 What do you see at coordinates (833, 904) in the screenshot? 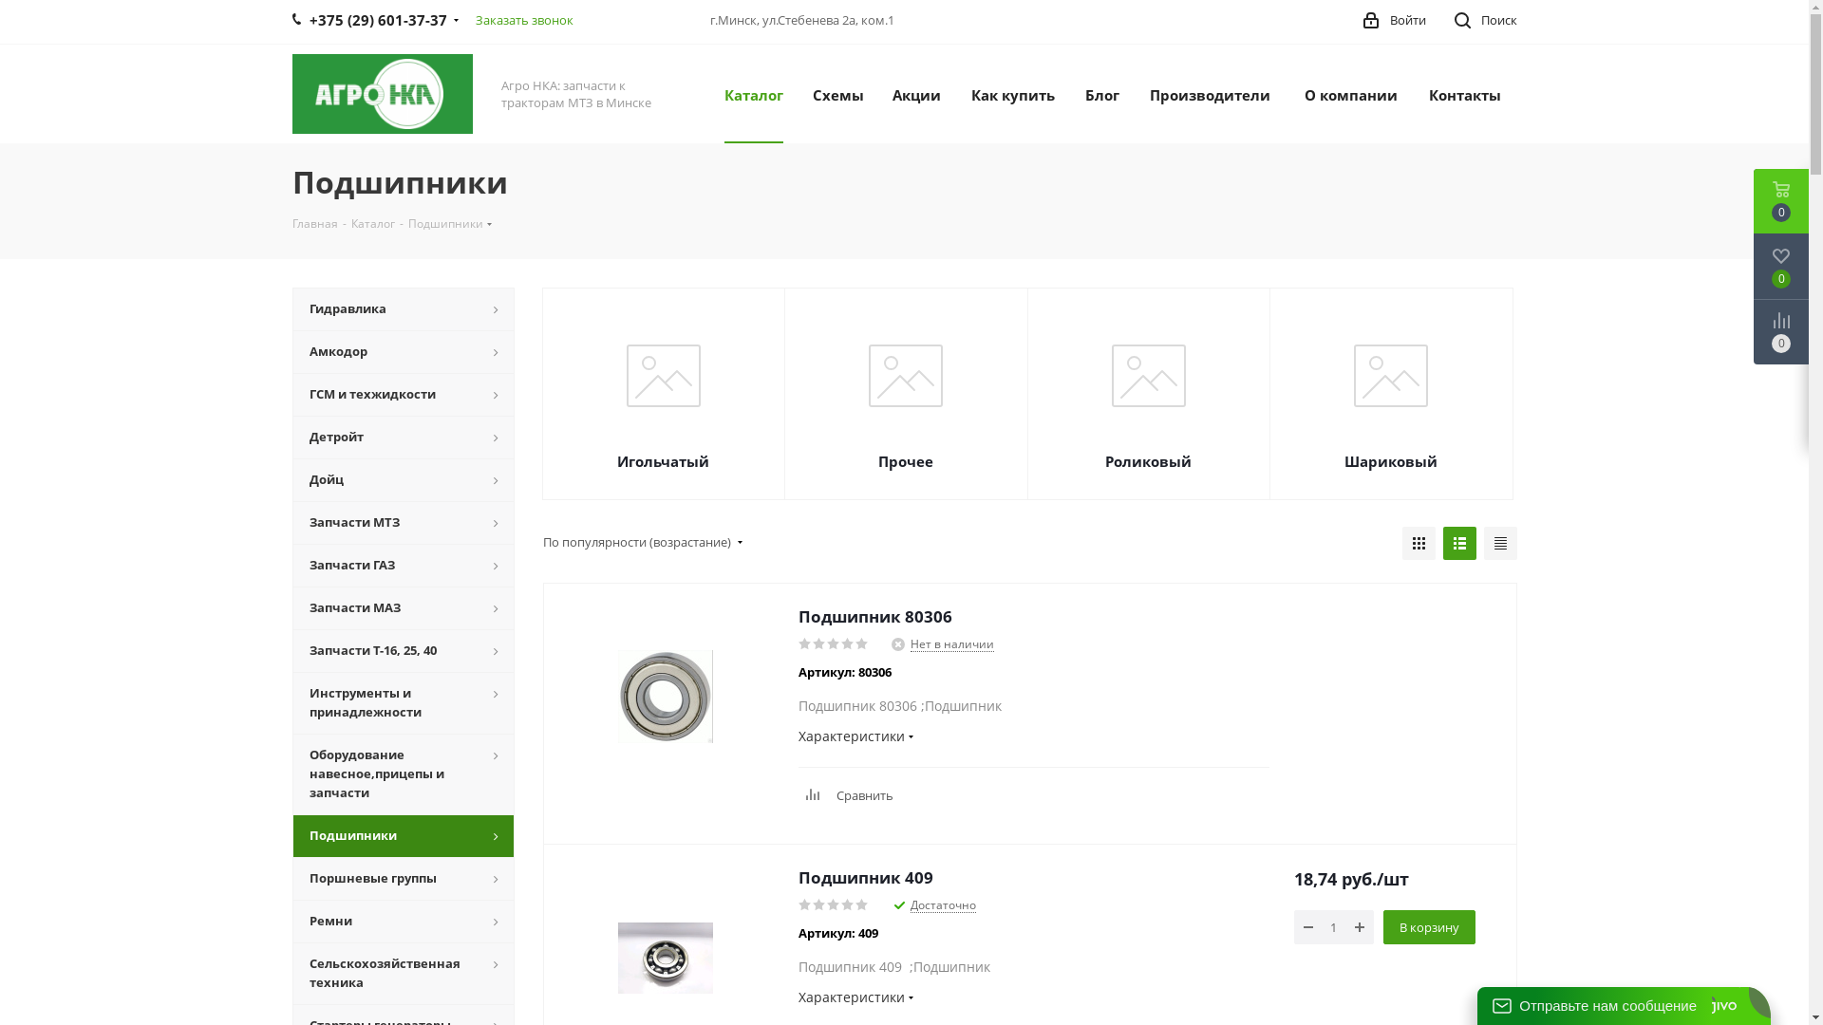
I see `'3'` at bounding box center [833, 904].